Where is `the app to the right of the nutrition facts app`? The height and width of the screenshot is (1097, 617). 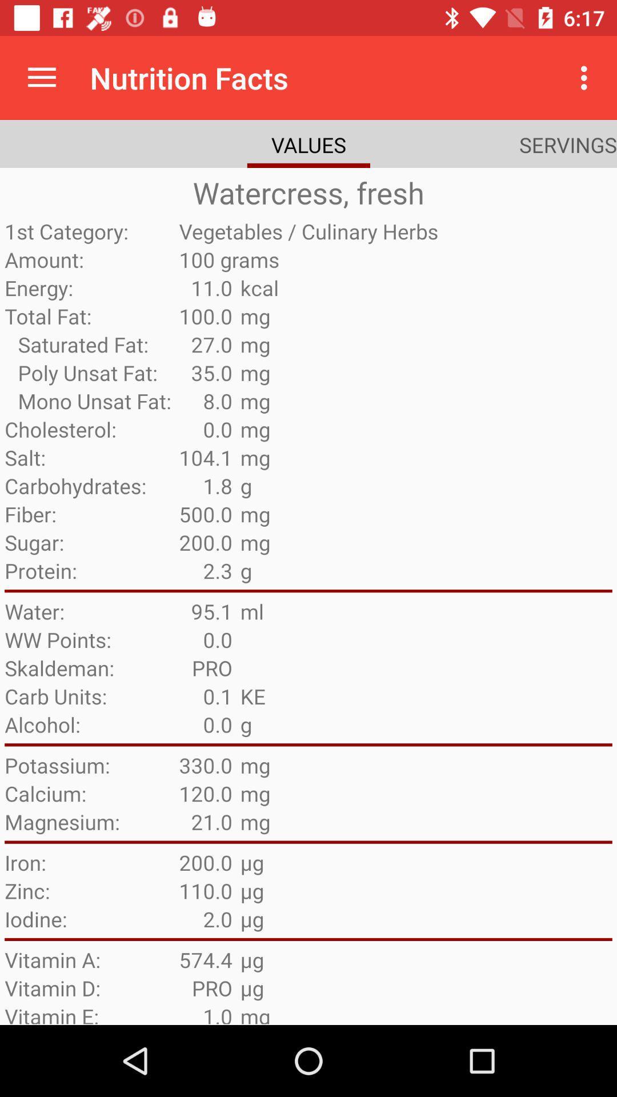 the app to the right of the nutrition facts app is located at coordinates (587, 77).